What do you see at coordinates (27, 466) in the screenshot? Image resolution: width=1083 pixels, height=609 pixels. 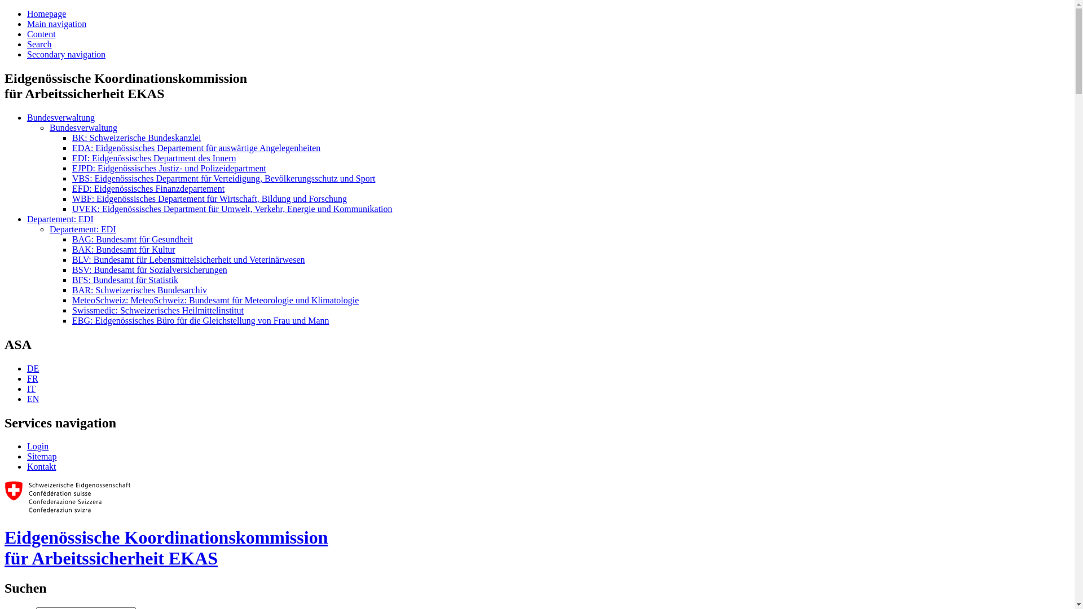 I see `'Kontakt'` at bounding box center [27, 466].